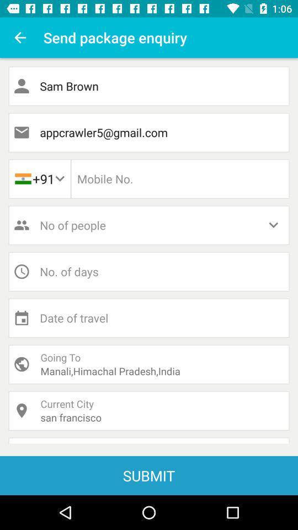 This screenshot has width=298, height=530. I want to click on the item below appcrawler5@gmail.com icon, so click(180, 179).